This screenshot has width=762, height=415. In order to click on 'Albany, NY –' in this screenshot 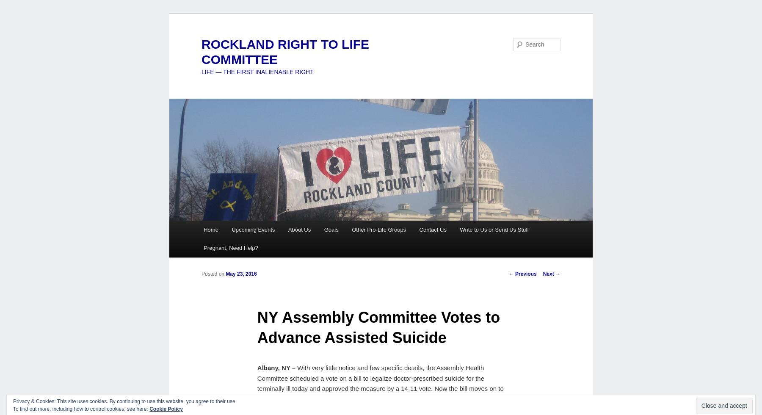, I will do `click(276, 368)`.